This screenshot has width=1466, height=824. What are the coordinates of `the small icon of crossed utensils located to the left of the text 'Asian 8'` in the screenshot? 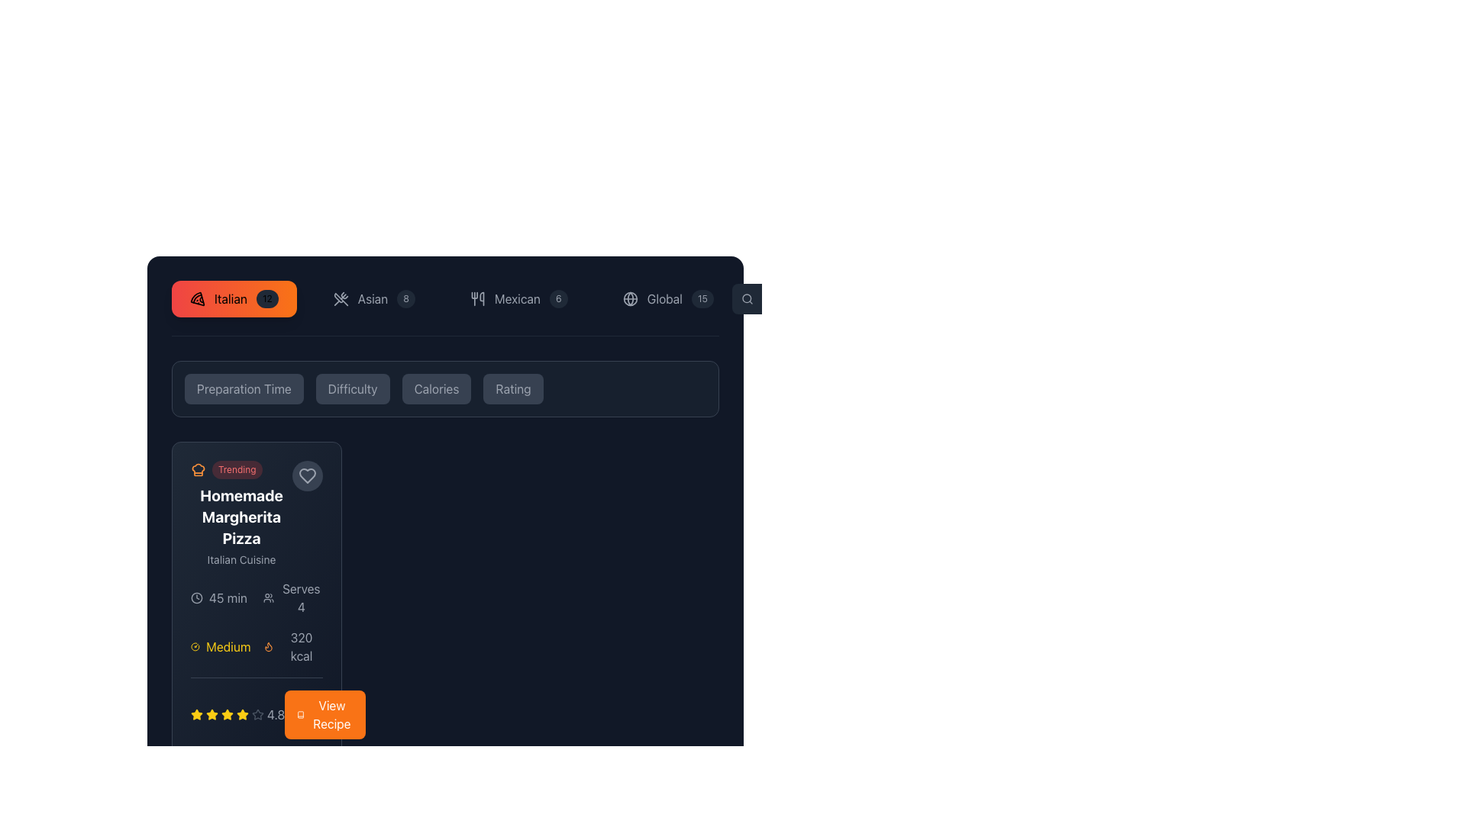 It's located at (340, 299).